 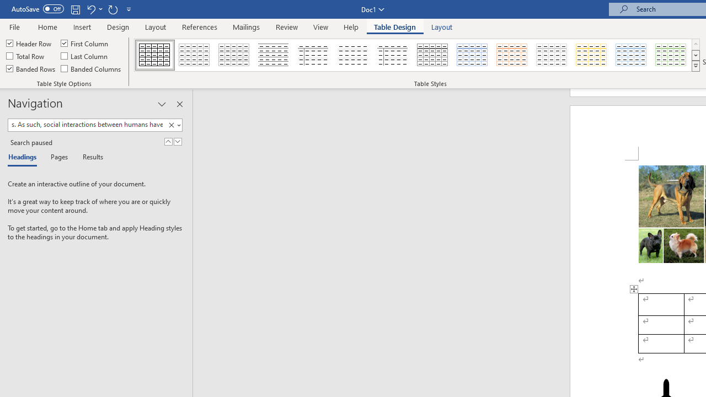 I want to click on 'Last Column', so click(x=84, y=56).